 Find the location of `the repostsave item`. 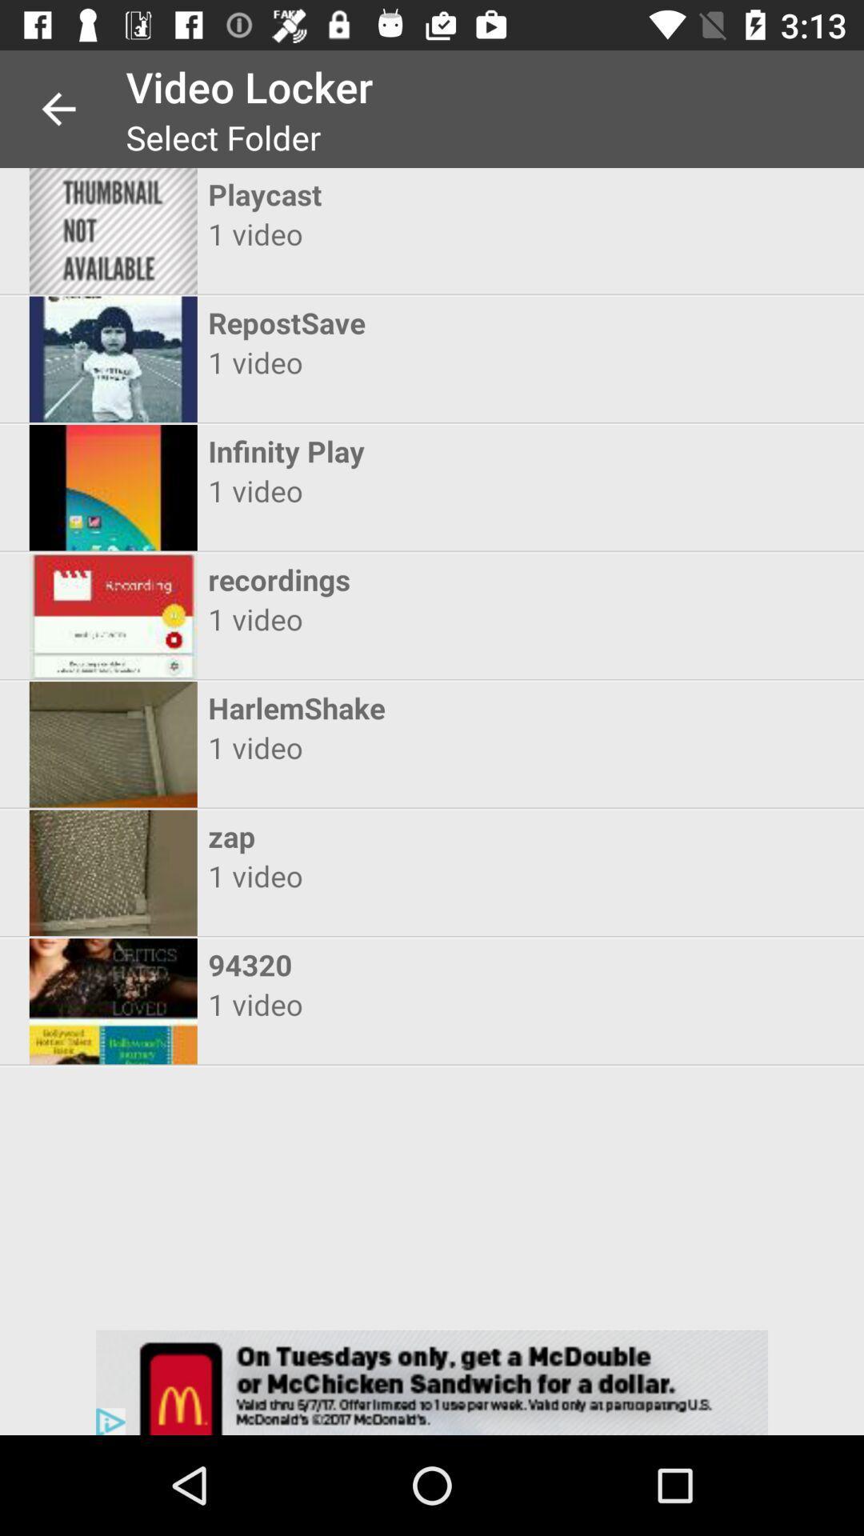

the repostsave item is located at coordinates (417, 322).